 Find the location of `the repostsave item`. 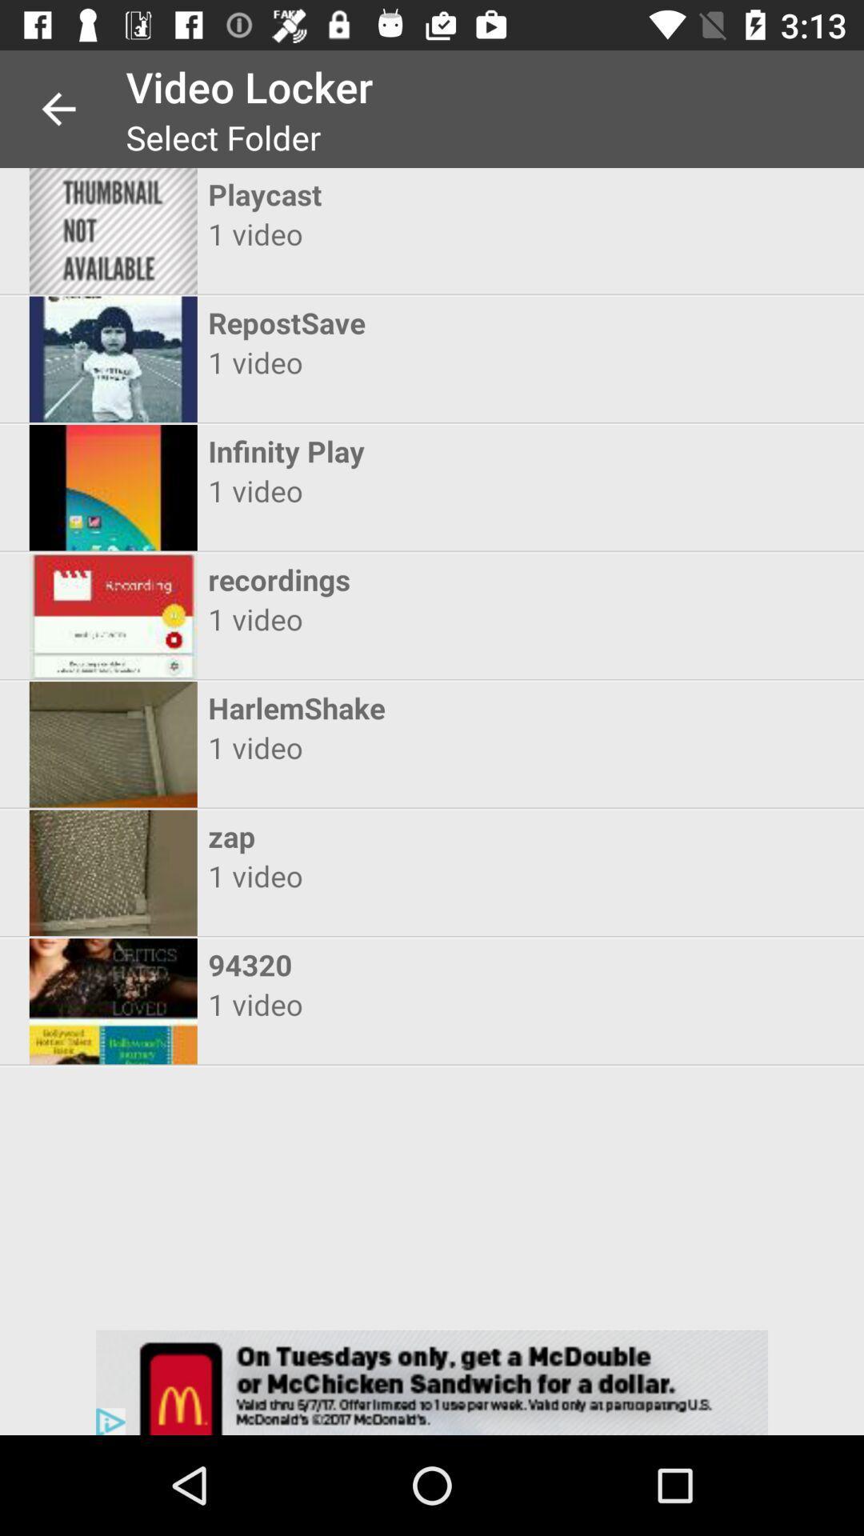

the repostsave item is located at coordinates (417, 322).